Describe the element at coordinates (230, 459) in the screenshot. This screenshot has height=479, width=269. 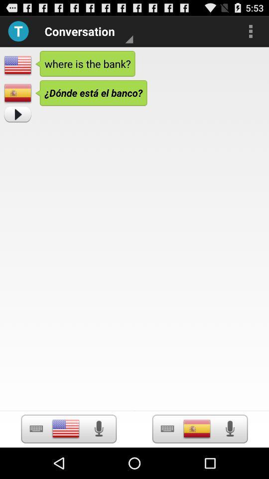
I see `the microphone icon` at that location.